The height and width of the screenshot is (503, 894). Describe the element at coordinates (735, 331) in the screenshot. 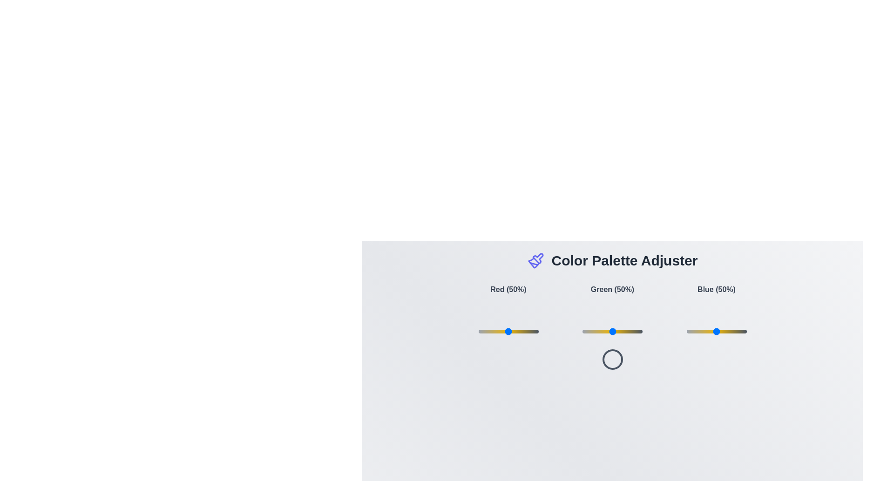

I see `the blue color slider to 81%` at that location.